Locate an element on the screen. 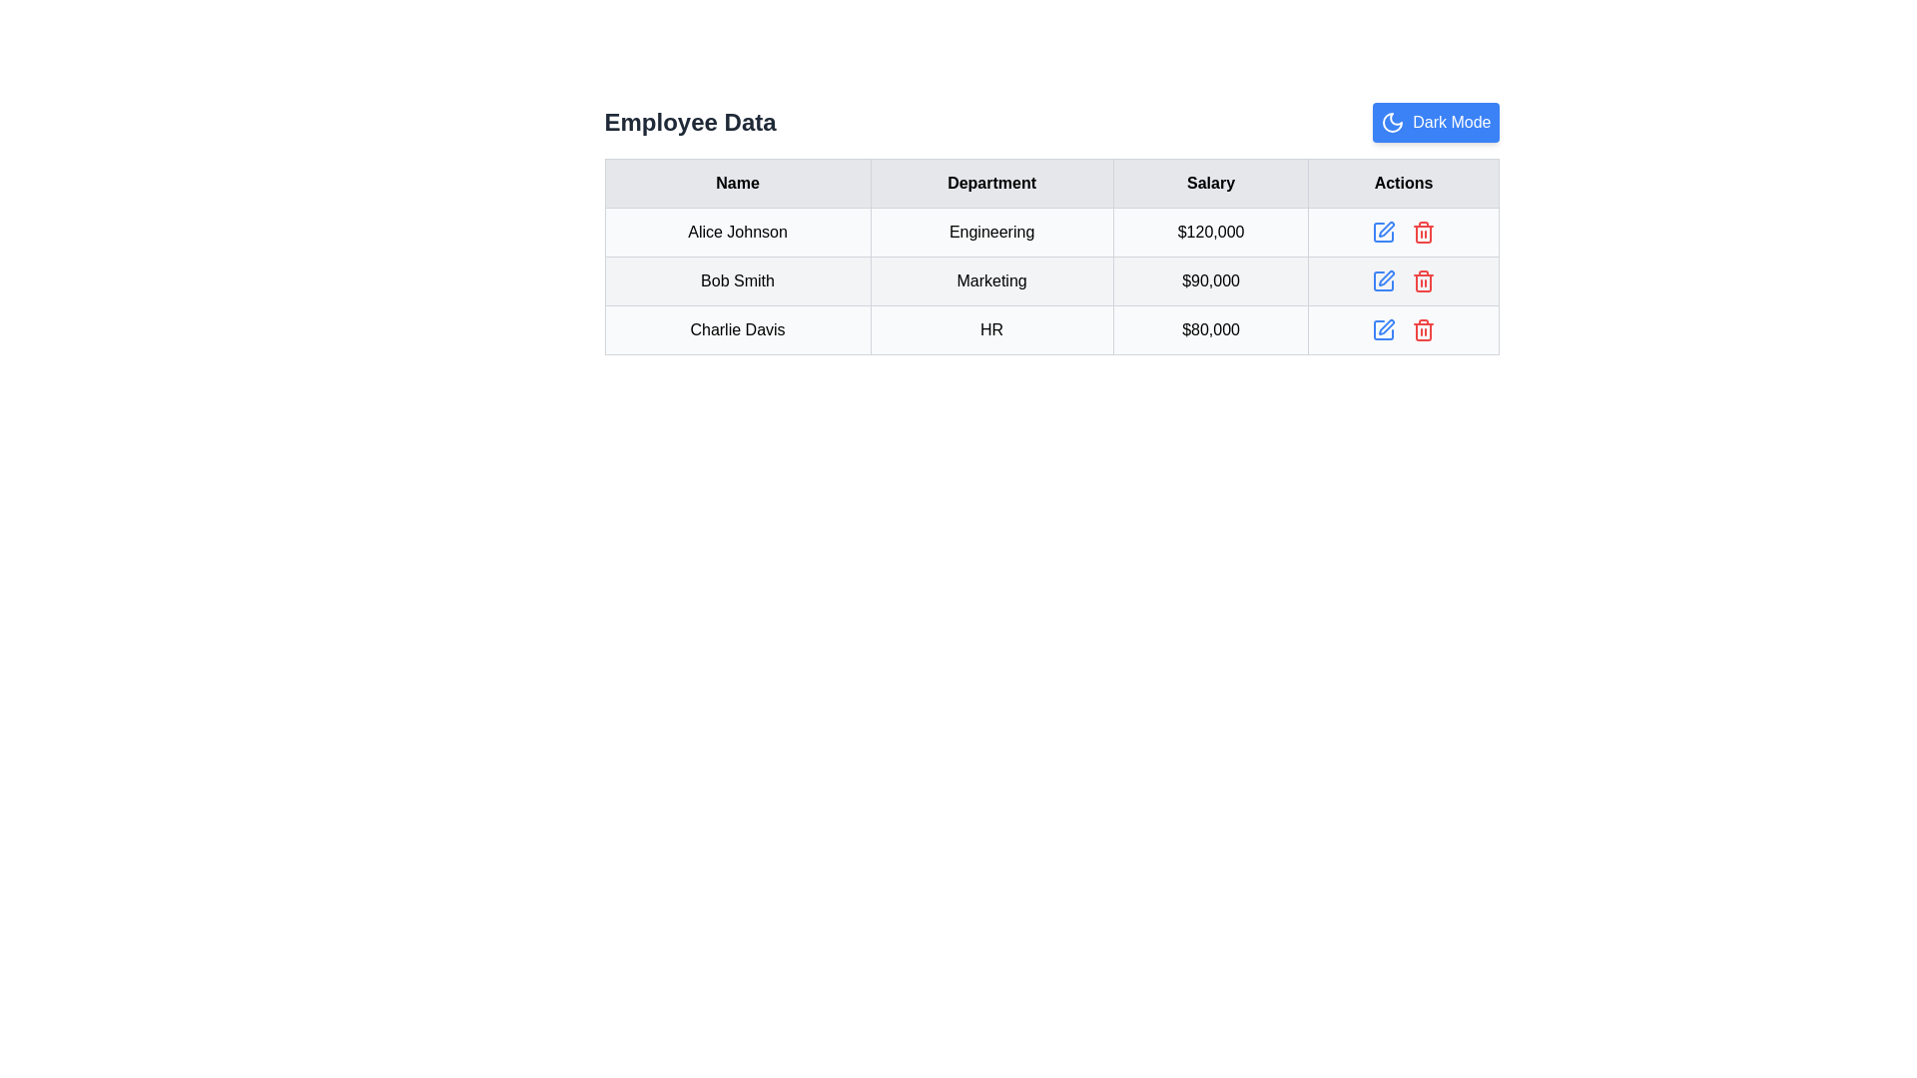 The width and height of the screenshot is (1917, 1078). the text label displaying 'Engineering' in the second column of the first row under the 'Department' header in the 'Employee Data' table is located at coordinates (991, 231).